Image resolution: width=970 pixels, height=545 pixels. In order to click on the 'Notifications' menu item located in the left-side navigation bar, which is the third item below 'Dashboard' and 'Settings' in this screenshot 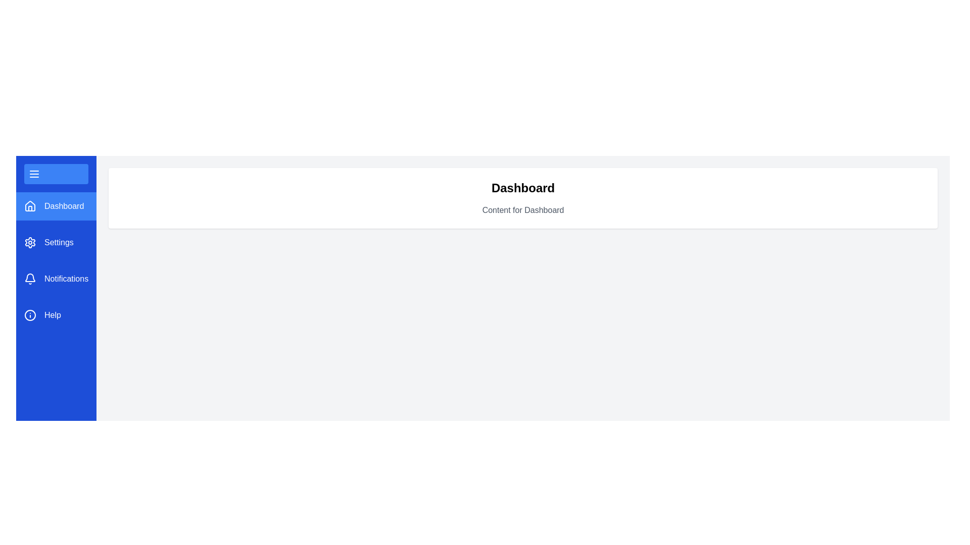, I will do `click(56, 279)`.